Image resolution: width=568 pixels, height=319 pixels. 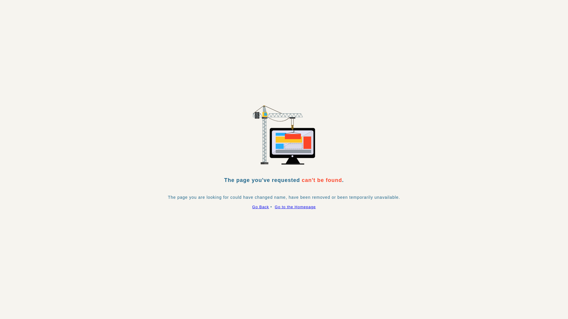 I want to click on 'Go Back', so click(x=252, y=206).